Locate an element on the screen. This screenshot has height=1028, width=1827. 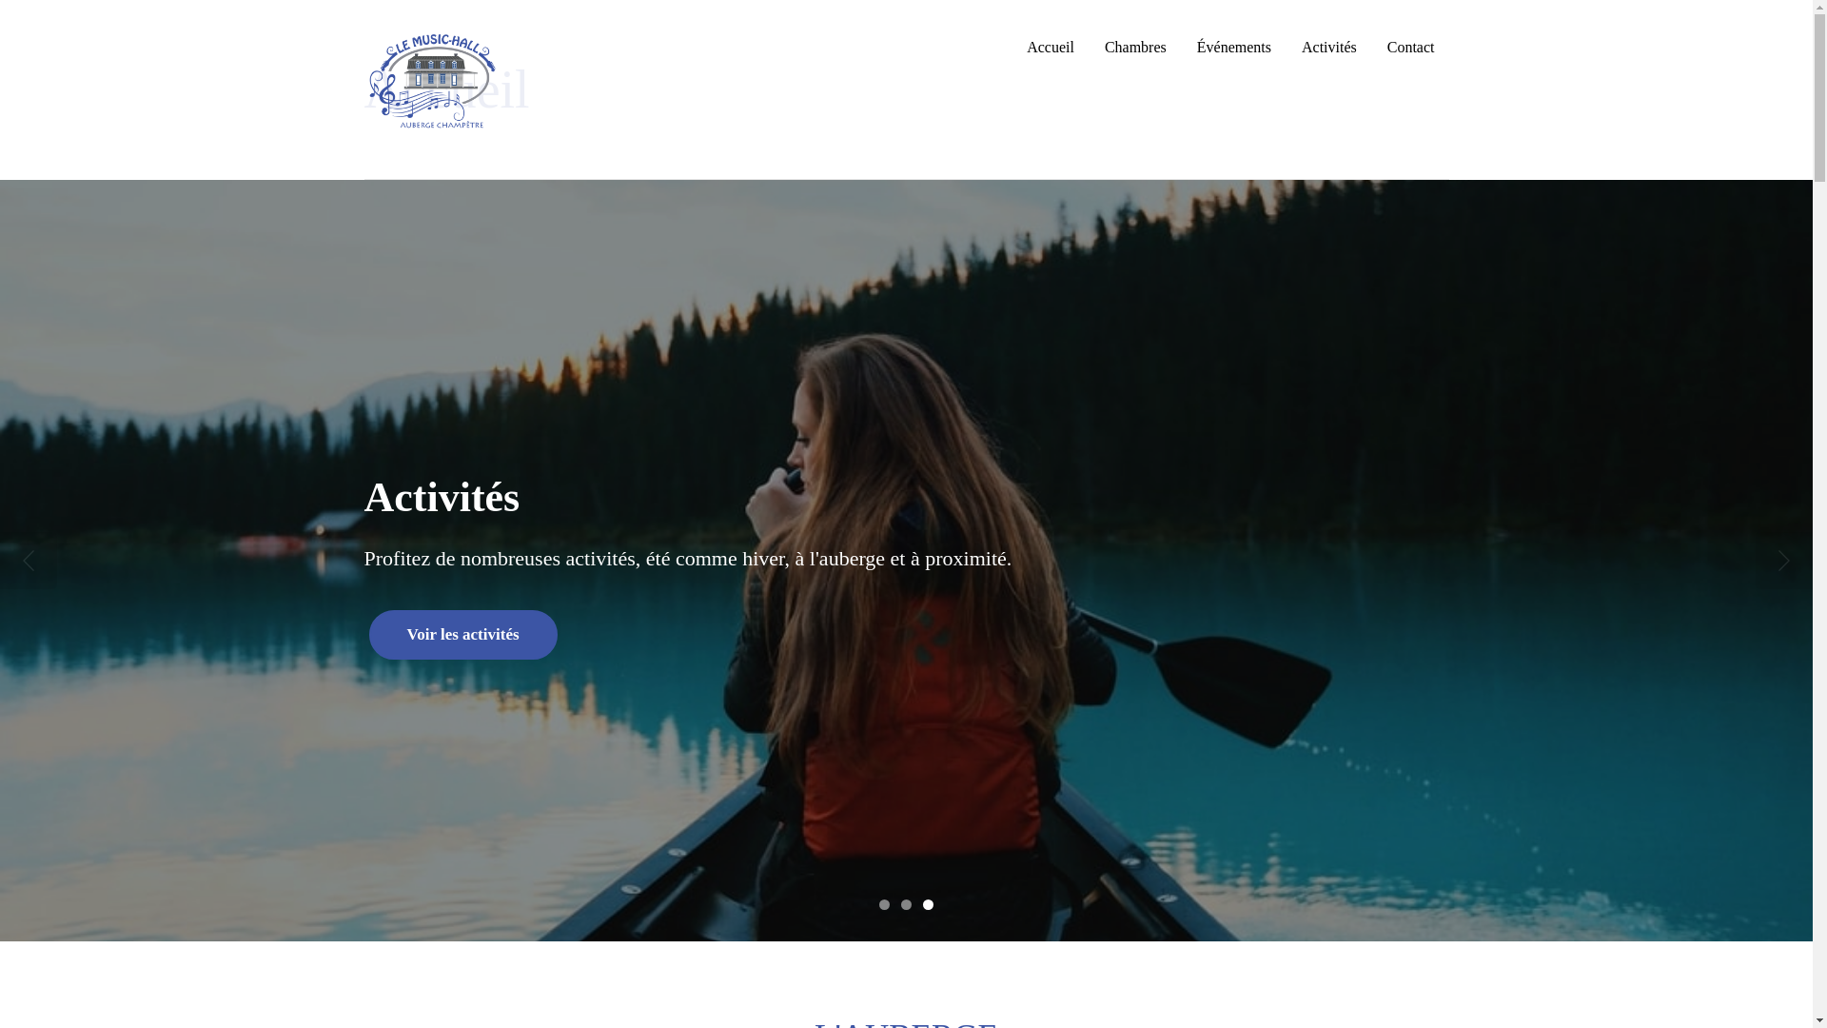
'3' is located at coordinates (928, 903).